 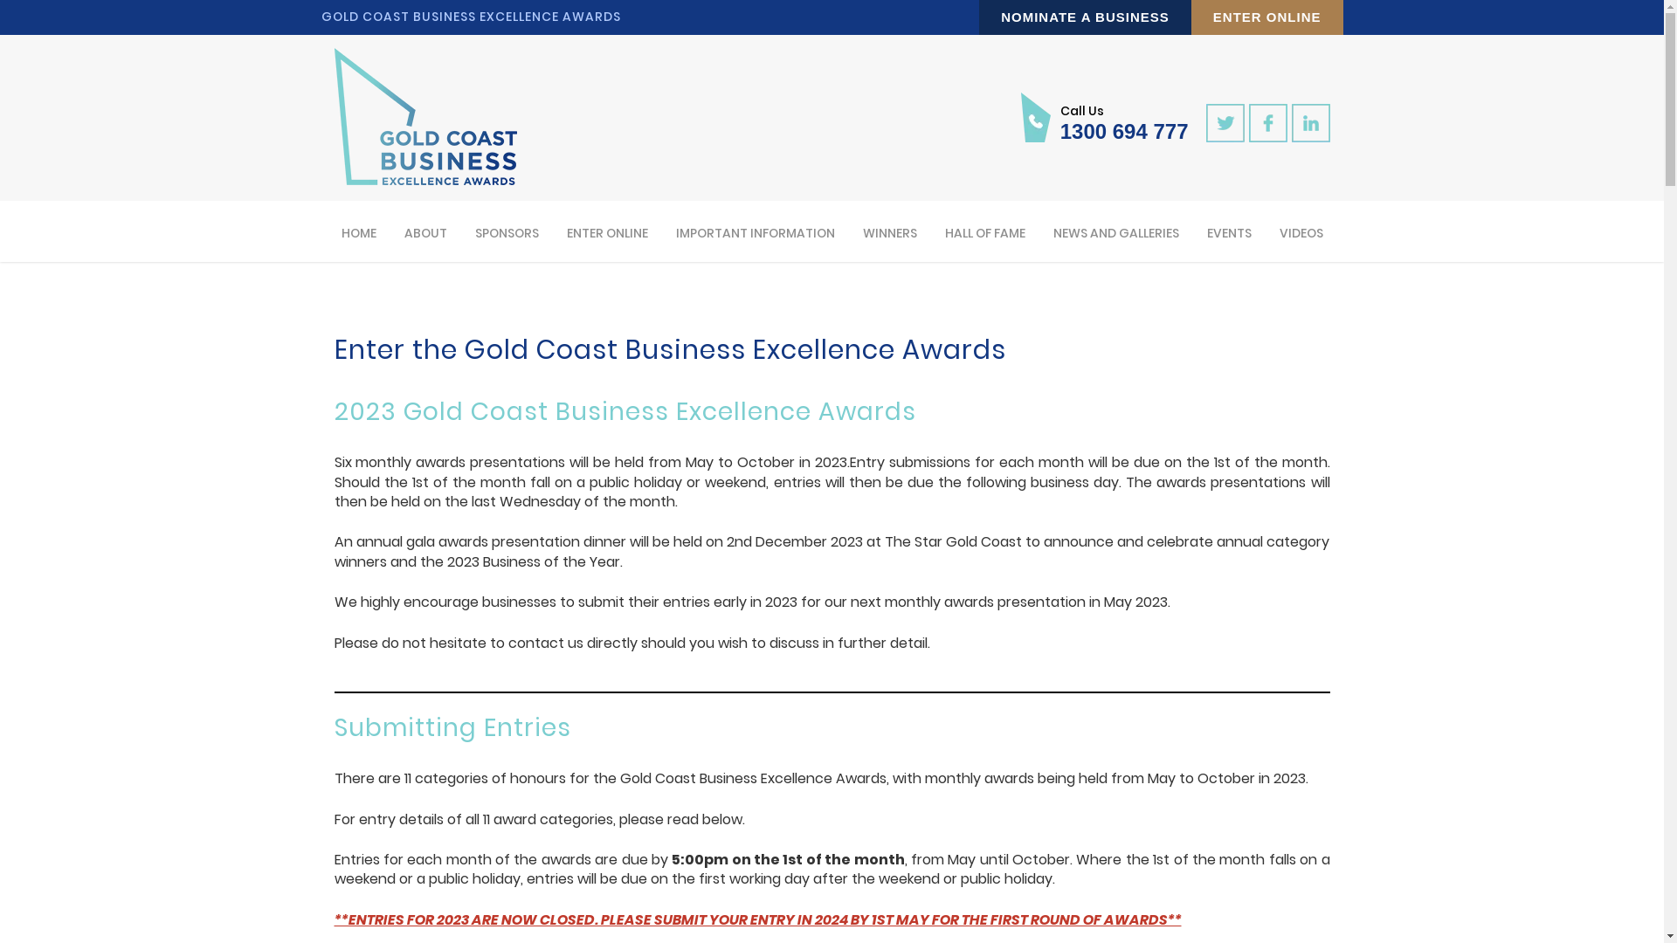 I want to click on 'HALL OF FAME', so click(x=984, y=231).